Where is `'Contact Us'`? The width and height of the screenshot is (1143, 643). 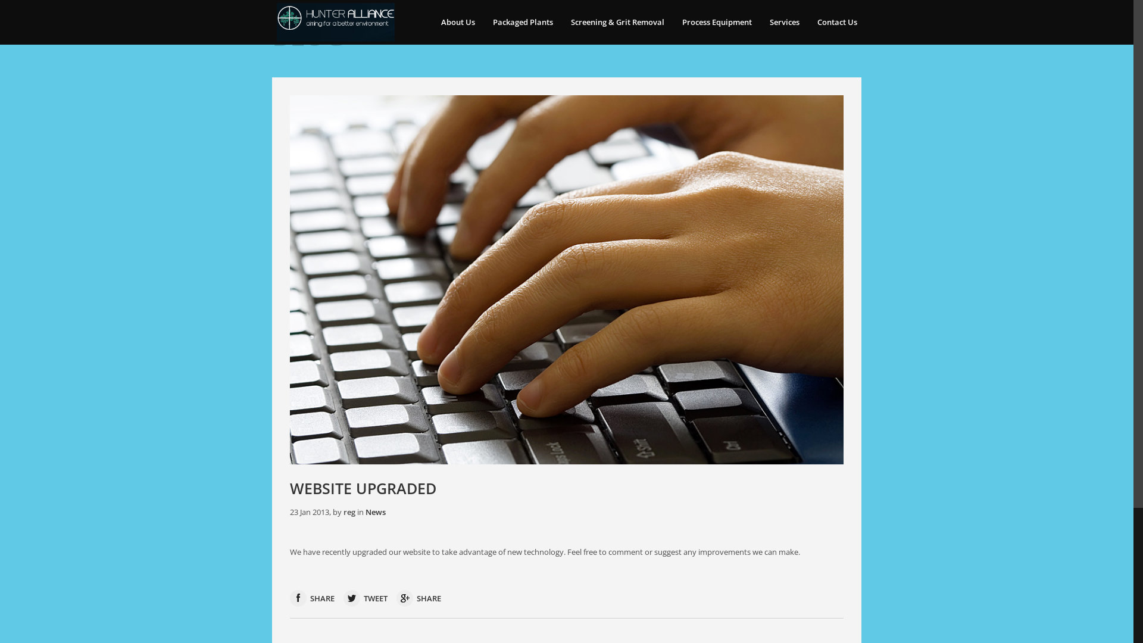
'Contact Us' is located at coordinates (836, 22).